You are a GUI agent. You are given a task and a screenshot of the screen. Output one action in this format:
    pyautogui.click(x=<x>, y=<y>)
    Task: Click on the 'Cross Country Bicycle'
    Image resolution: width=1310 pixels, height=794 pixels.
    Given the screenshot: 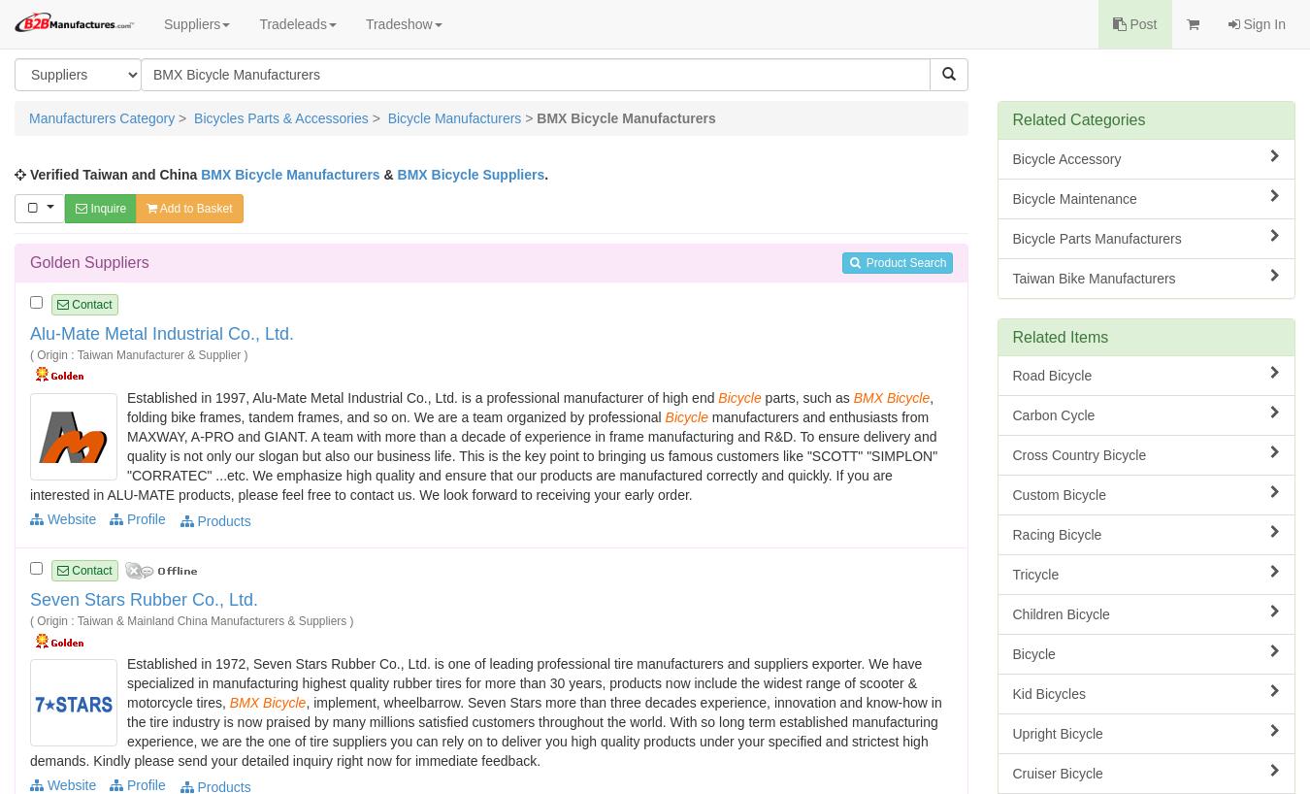 What is the action you would take?
    pyautogui.click(x=1078, y=453)
    